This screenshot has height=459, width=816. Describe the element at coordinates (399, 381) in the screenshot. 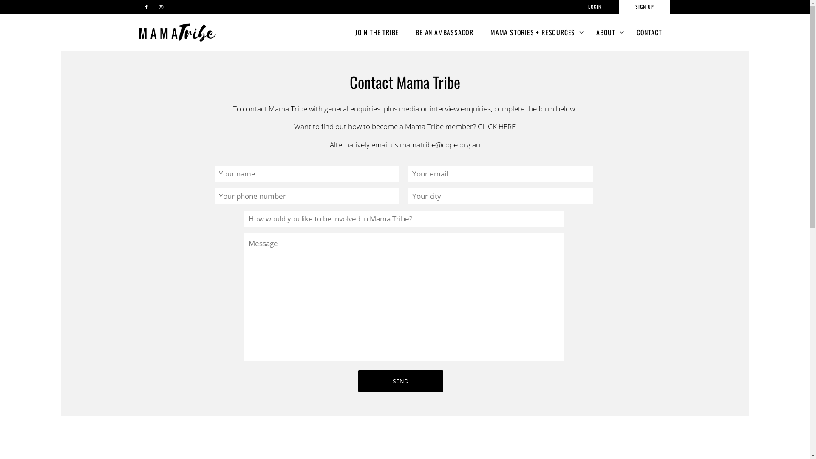

I see `'Send'` at that location.